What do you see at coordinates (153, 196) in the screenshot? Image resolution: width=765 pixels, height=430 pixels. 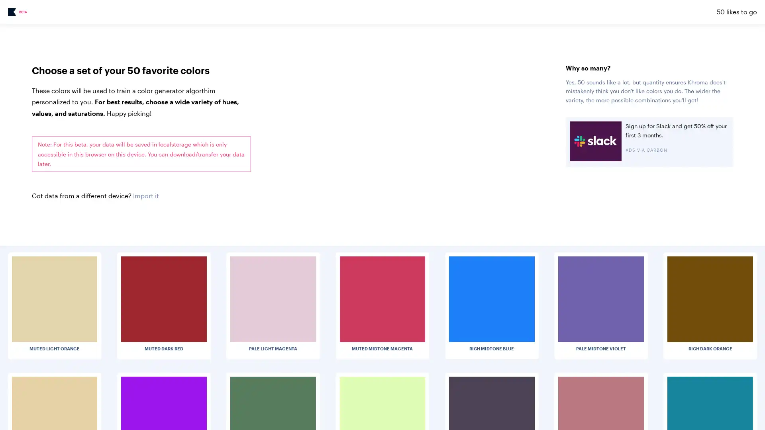 I see `Choose File` at bounding box center [153, 196].